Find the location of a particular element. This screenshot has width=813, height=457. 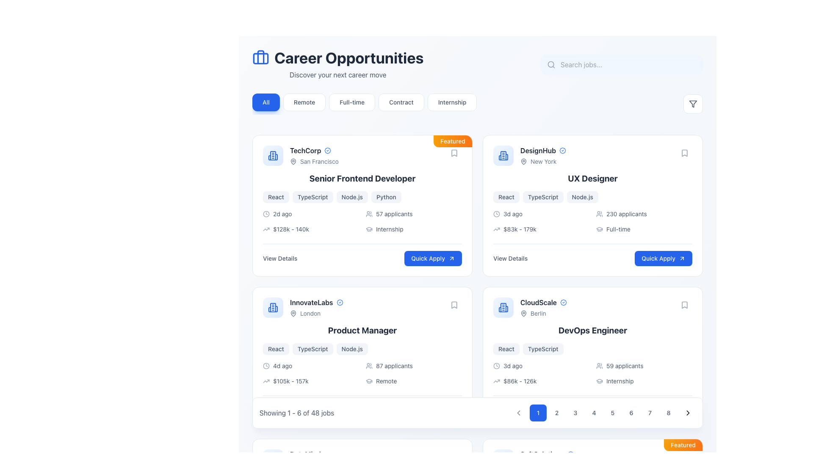

the numbered button in the pagination component to switch to that page is located at coordinates (603, 412).